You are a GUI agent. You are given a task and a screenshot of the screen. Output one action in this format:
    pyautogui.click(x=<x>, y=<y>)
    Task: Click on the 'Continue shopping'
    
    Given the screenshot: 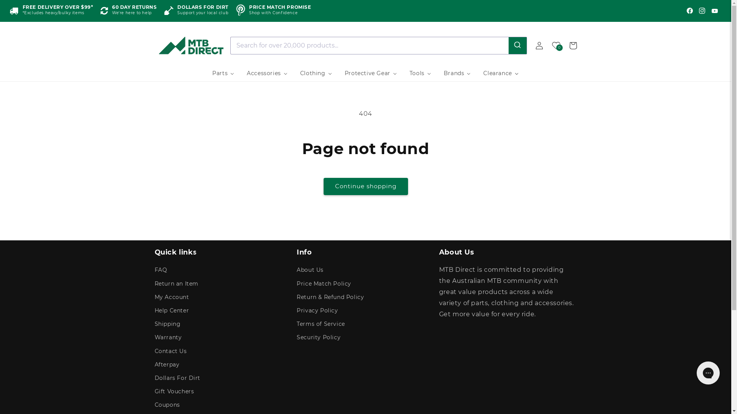 What is the action you would take?
    pyautogui.click(x=323, y=186)
    